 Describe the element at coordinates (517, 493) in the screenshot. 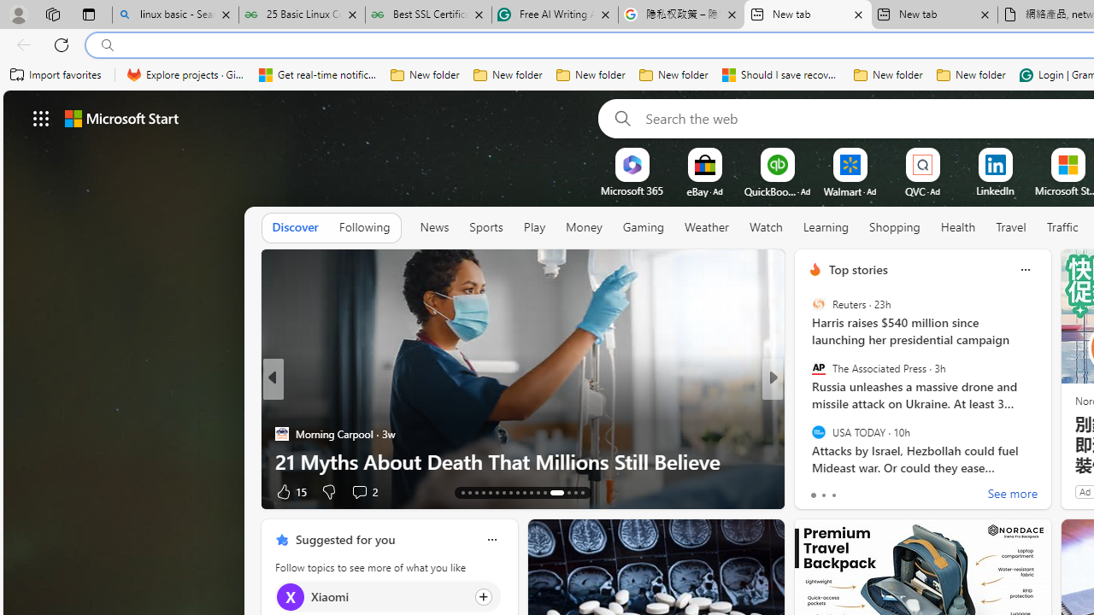

I see `'AutomationID: tab-21'` at that location.